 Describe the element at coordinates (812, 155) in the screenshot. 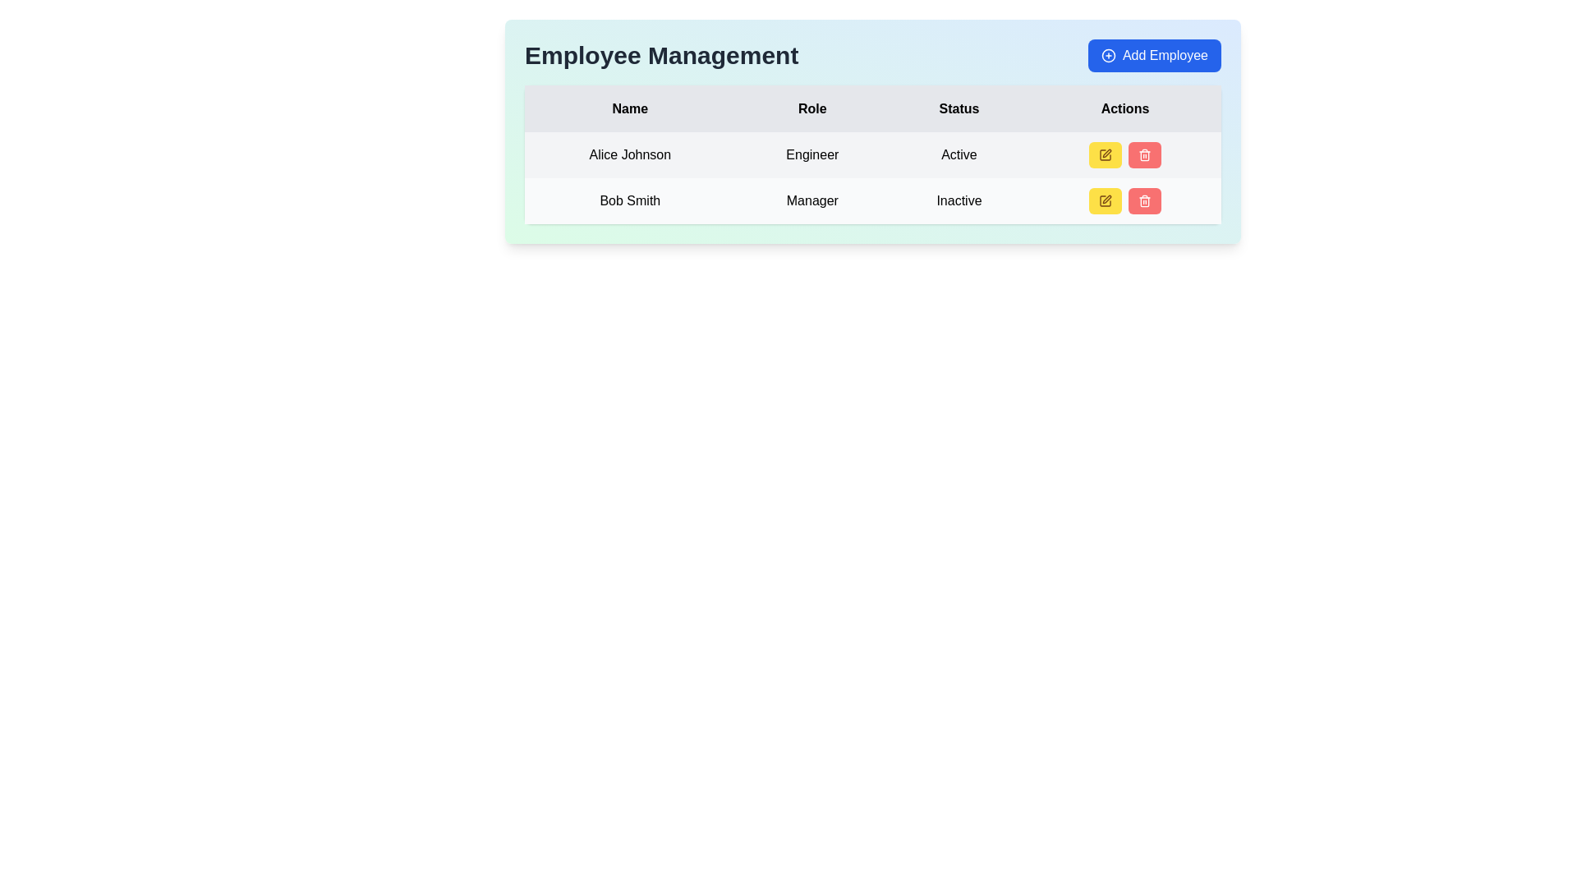

I see `the text element displaying 'Engineer' that is located in the first row of the table under the 'Role' column, positioned beside 'Alice Johnson' in the 'Name' column and before 'Active' in the 'Status' column` at that location.